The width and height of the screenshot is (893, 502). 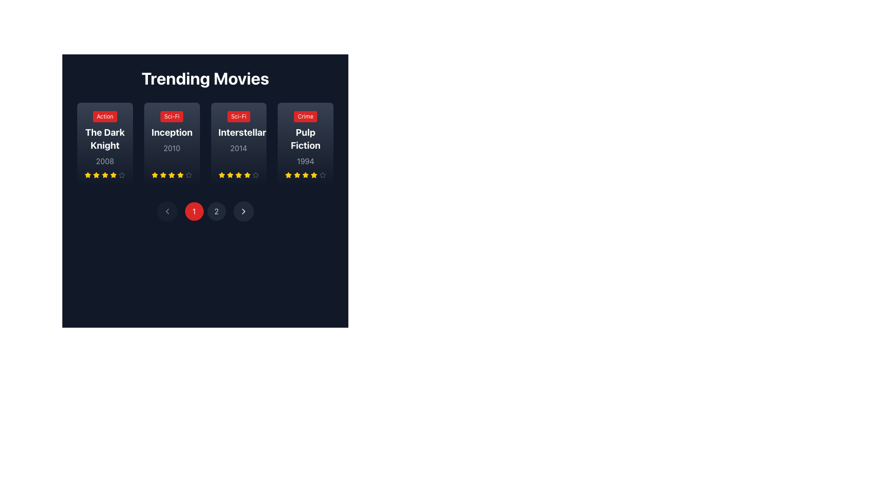 What do you see at coordinates (221, 175) in the screenshot?
I see `the yellow star-shaped icon, which is the first of five star icons displayed horizontally underneath the movie title 'Interstellar' in the third card of the 'Trending Movies' section` at bounding box center [221, 175].